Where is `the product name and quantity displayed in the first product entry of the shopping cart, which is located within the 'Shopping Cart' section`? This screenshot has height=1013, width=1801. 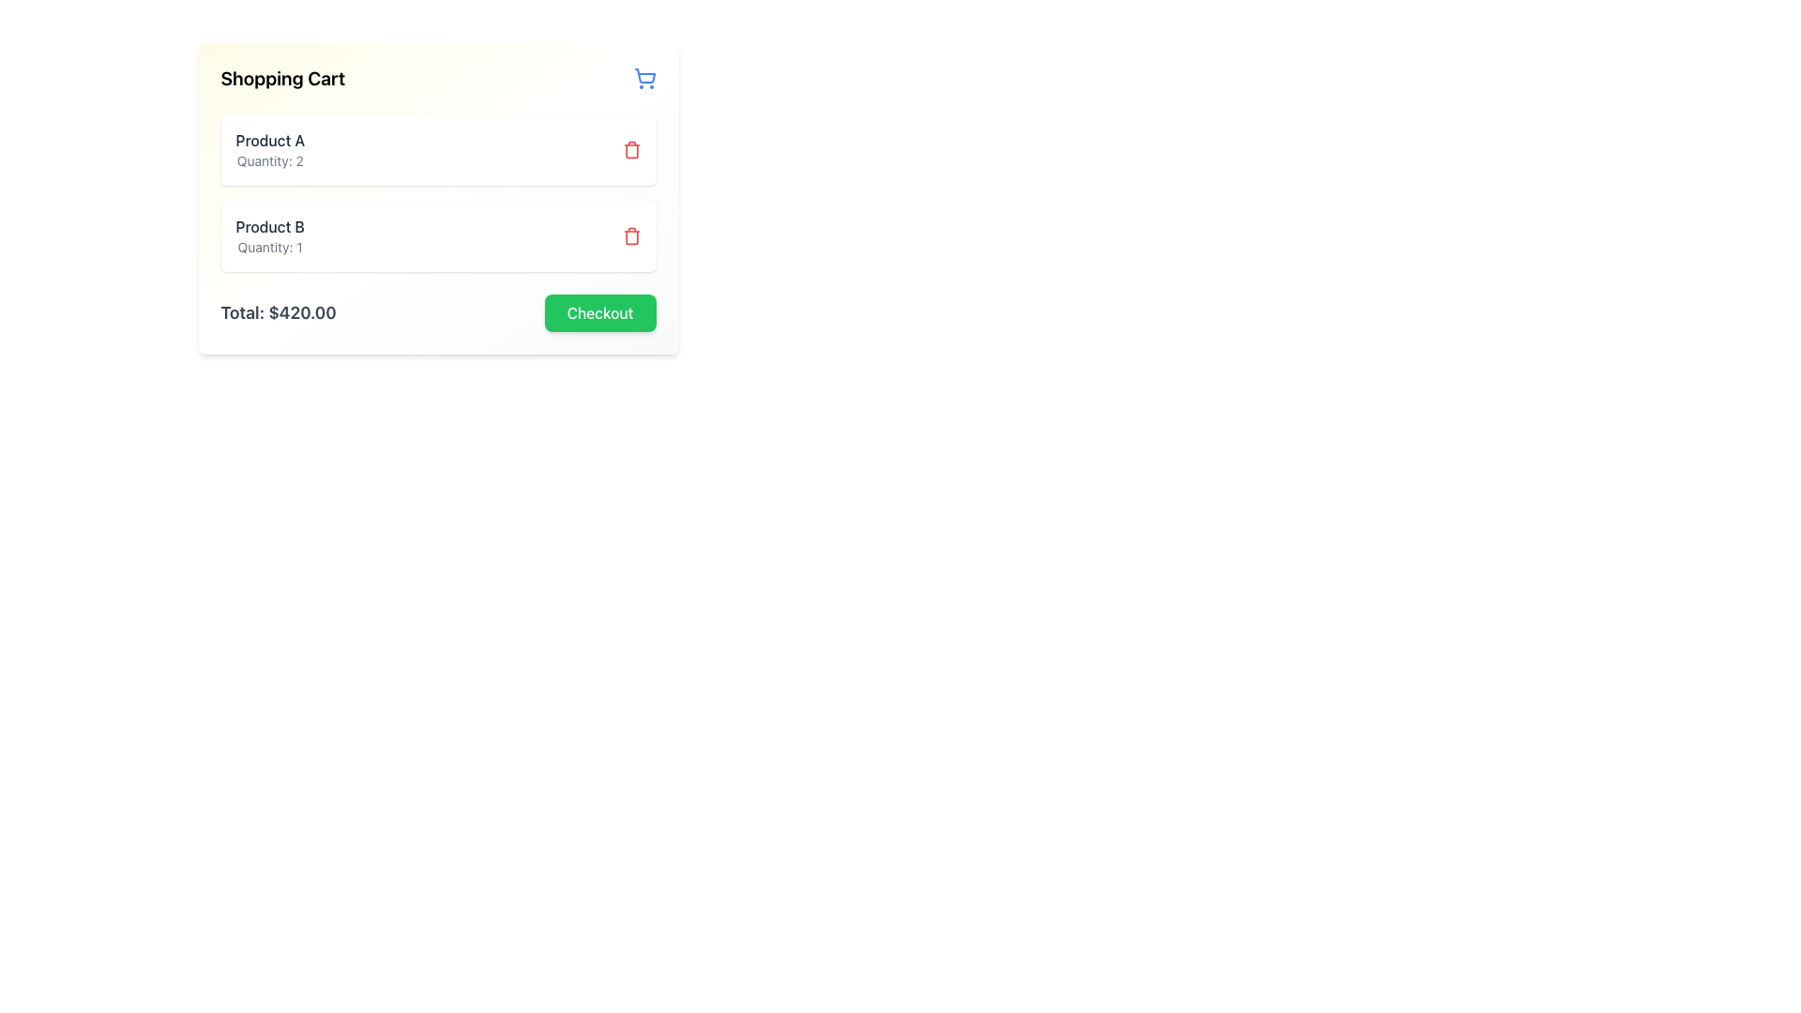
the product name and quantity displayed in the first product entry of the shopping cart, which is located within the 'Shopping Cart' section is located at coordinates (437, 148).